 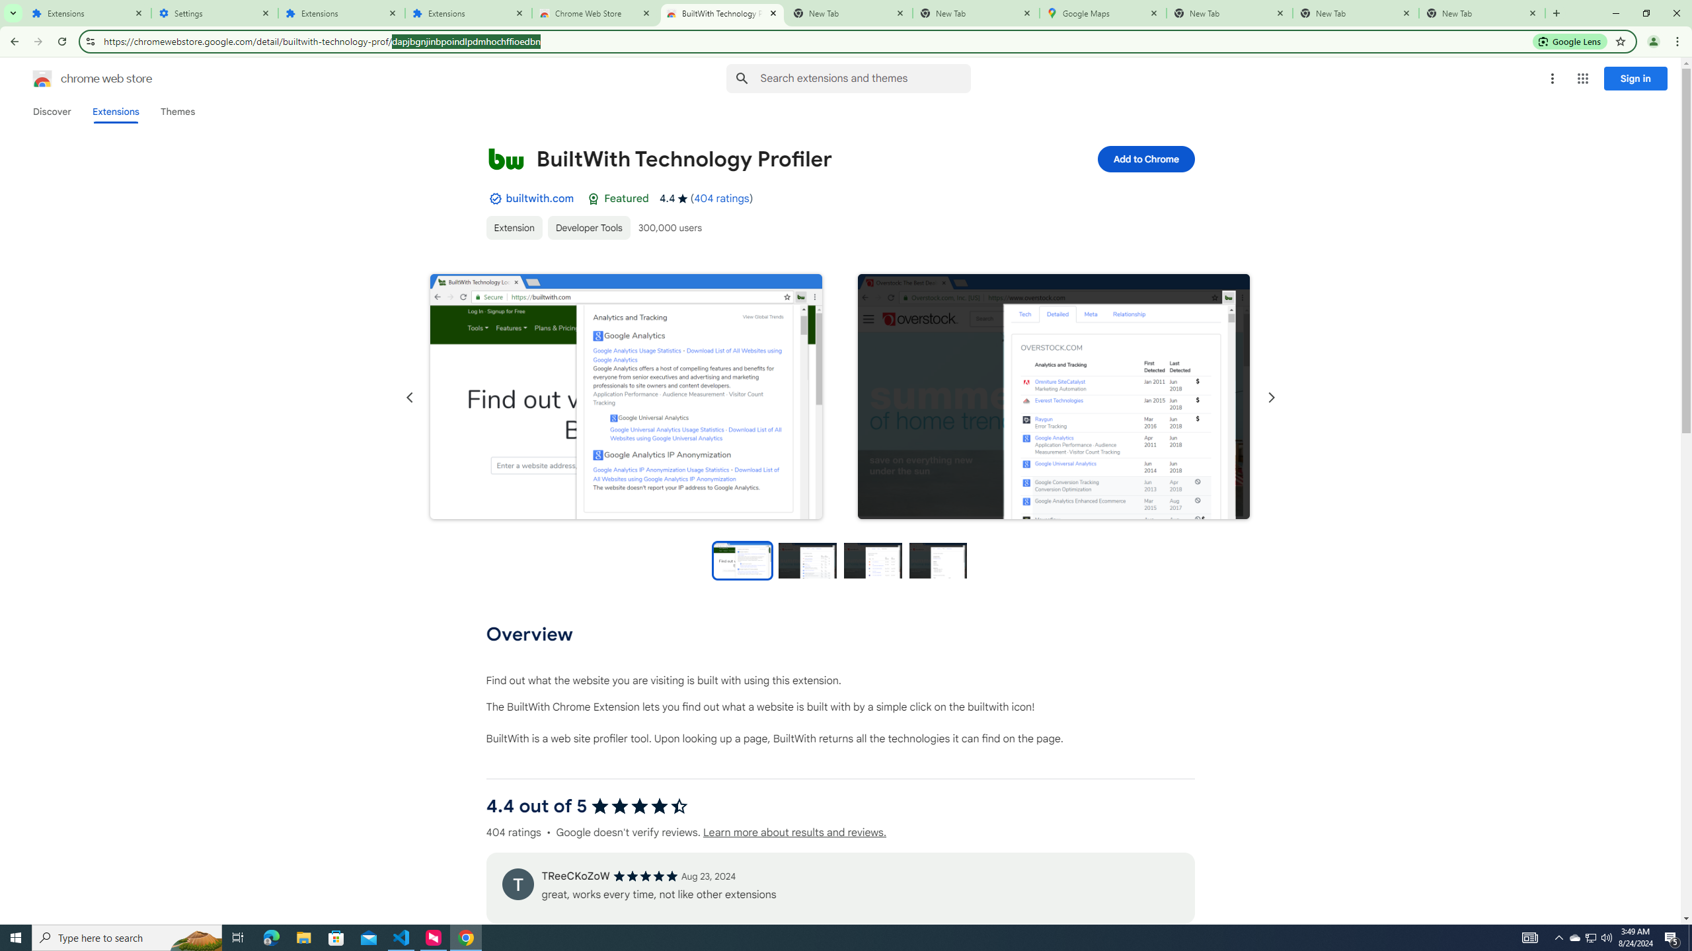 What do you see at coordinates (625, 397) in the screenshot?
I see `'Item media 1 screenshot'` at bounding box center [625, 397].